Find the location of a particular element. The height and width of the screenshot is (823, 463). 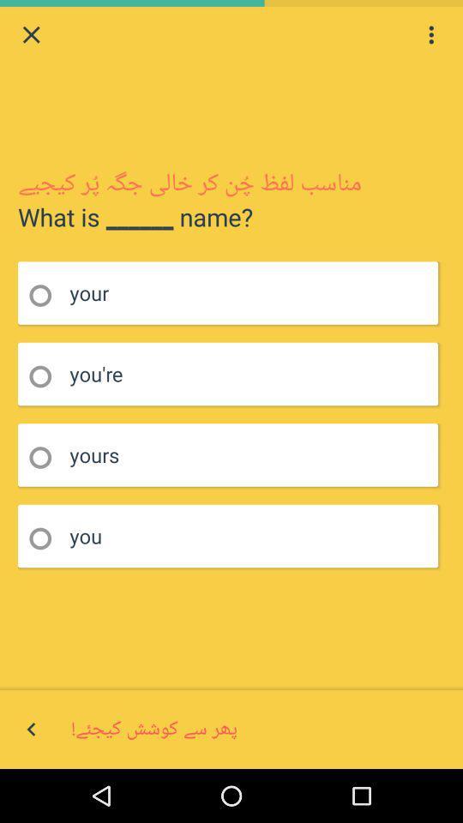

radio button is located at coordinates (45, 296).